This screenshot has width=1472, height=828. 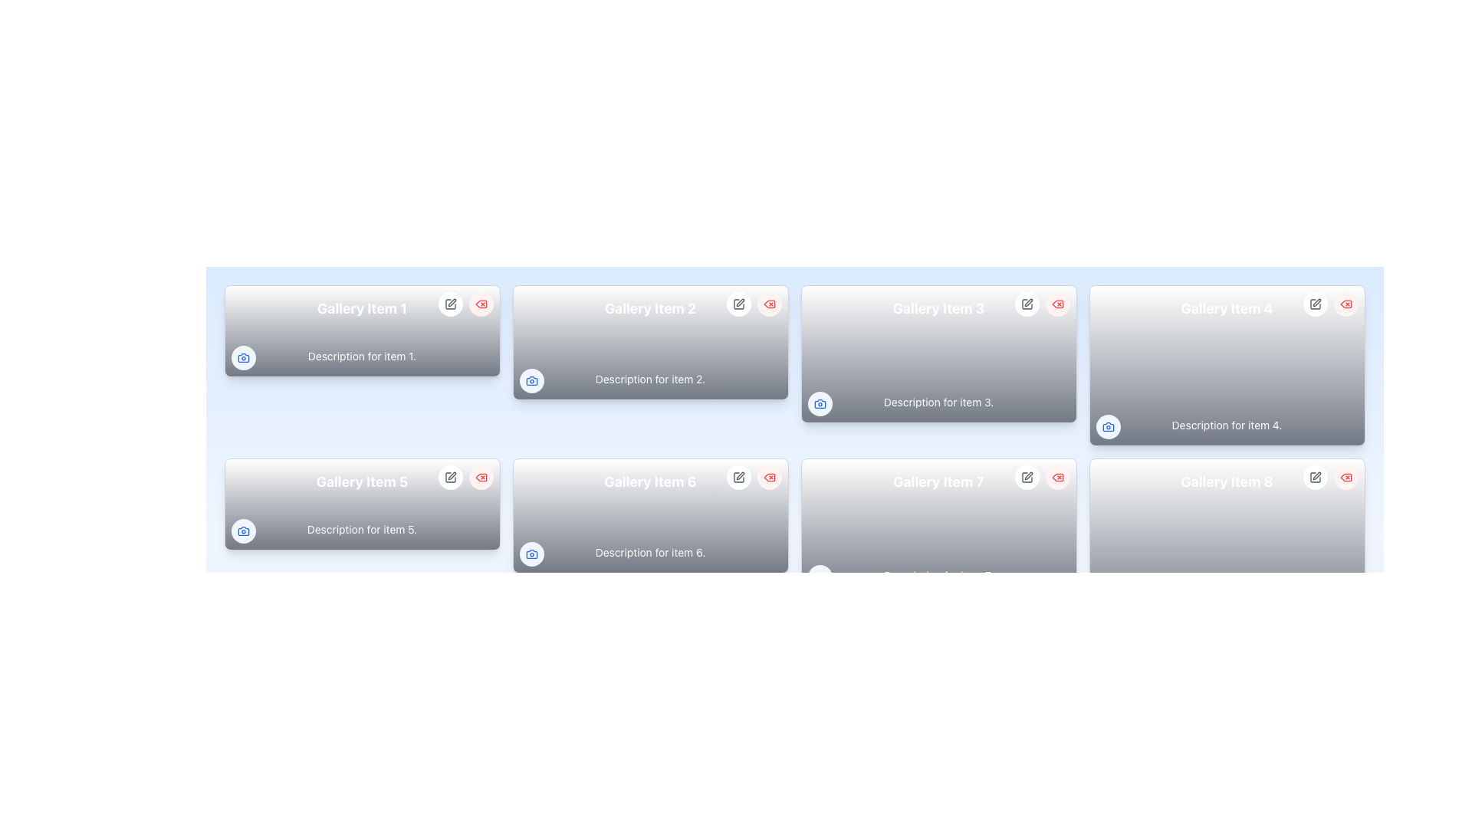 What do you see at coordinates (242, 531) in the screenshot?
I see `the camera icon` at bounding box center [242, 531].